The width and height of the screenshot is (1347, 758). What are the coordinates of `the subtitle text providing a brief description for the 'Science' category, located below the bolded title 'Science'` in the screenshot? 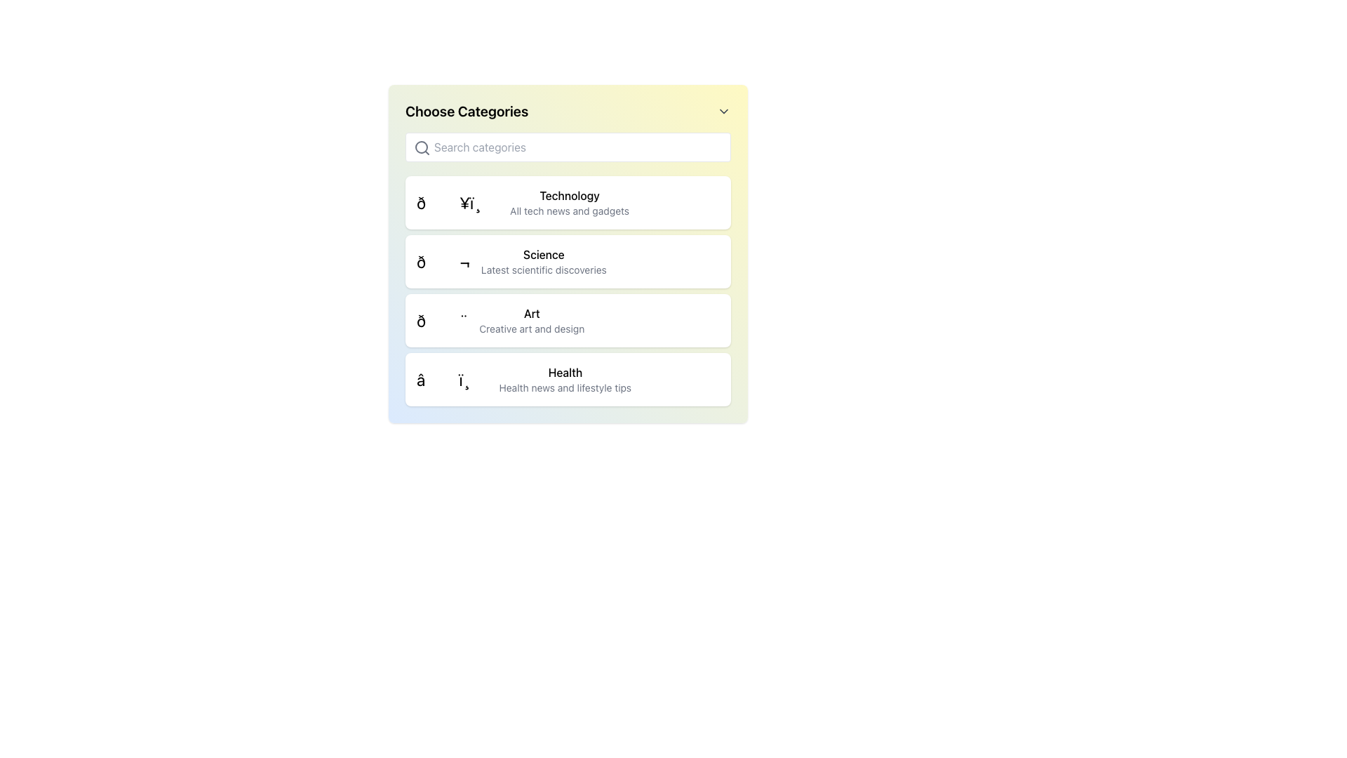 It's located at (543, 270).